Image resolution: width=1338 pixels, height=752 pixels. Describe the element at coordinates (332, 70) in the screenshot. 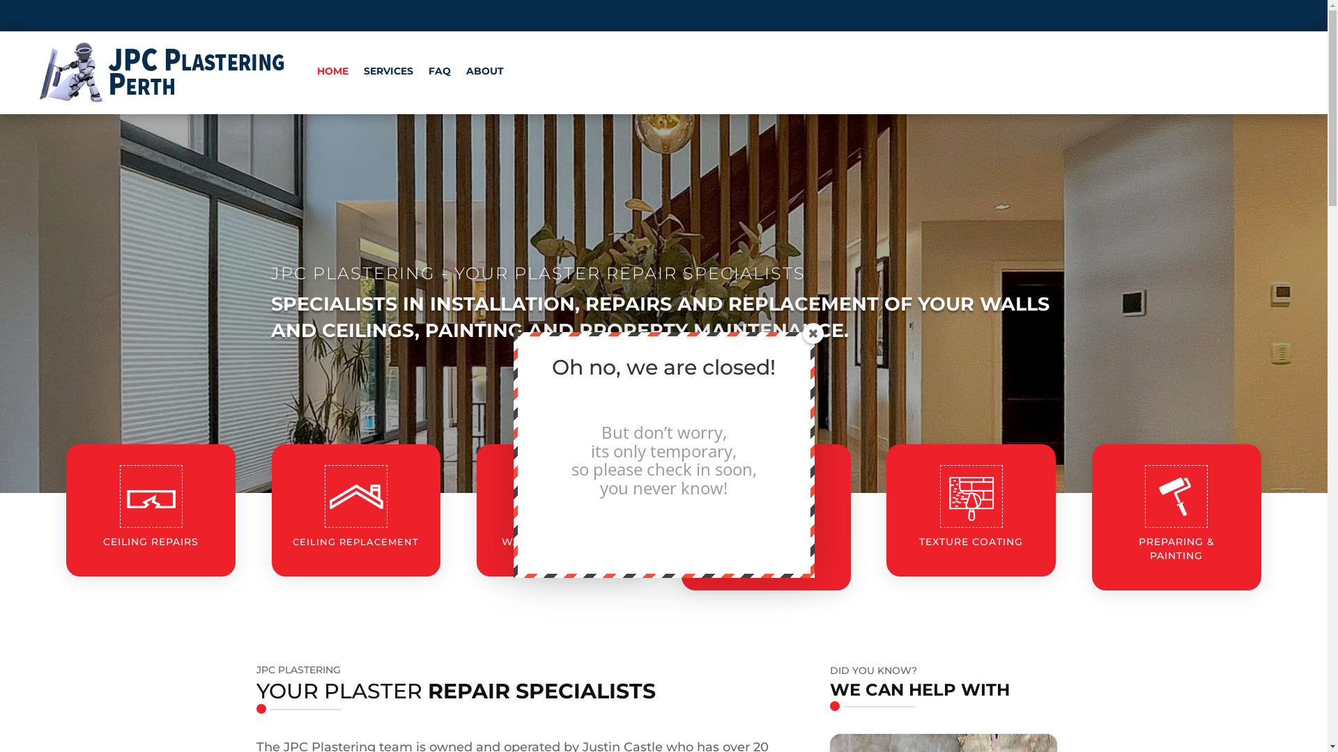

I see `'HOME'` at that location.